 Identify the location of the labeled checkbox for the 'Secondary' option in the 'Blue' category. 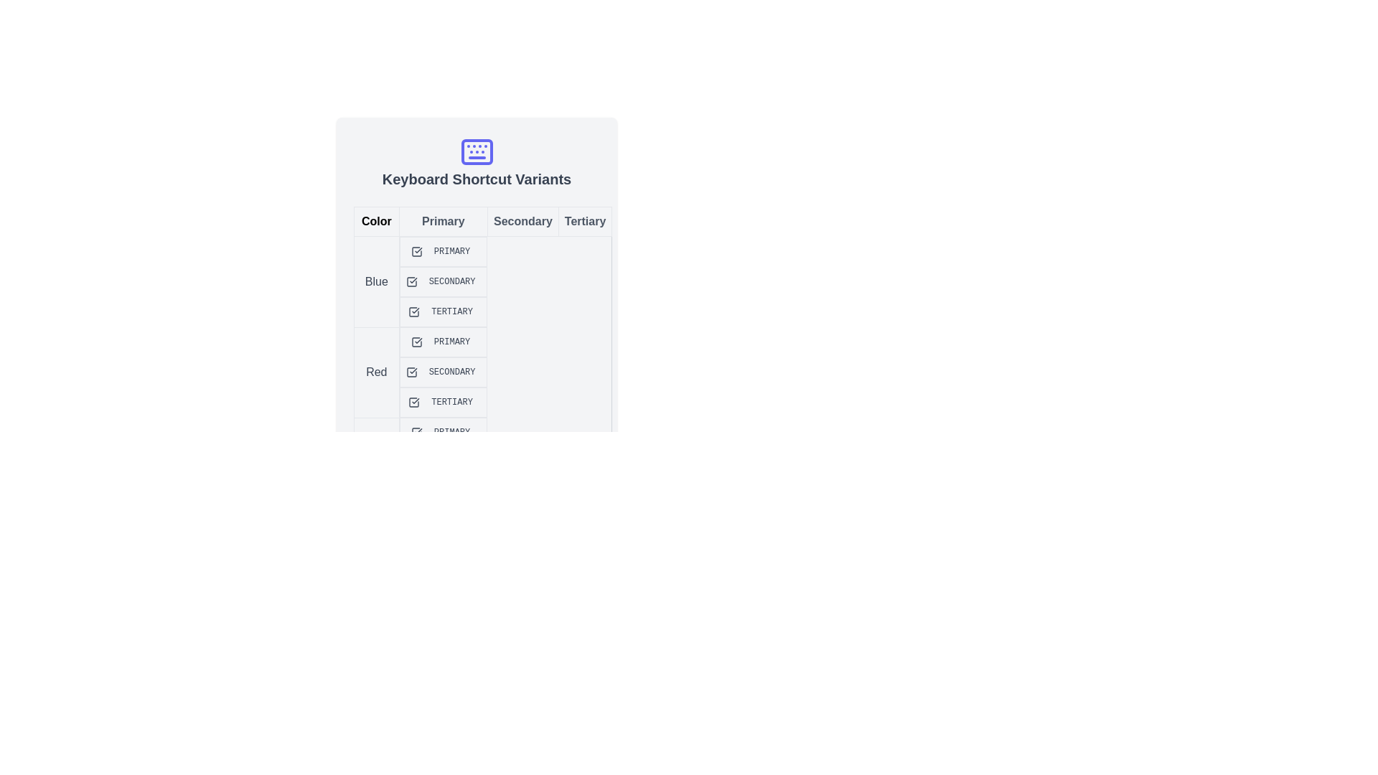
(443, 282).